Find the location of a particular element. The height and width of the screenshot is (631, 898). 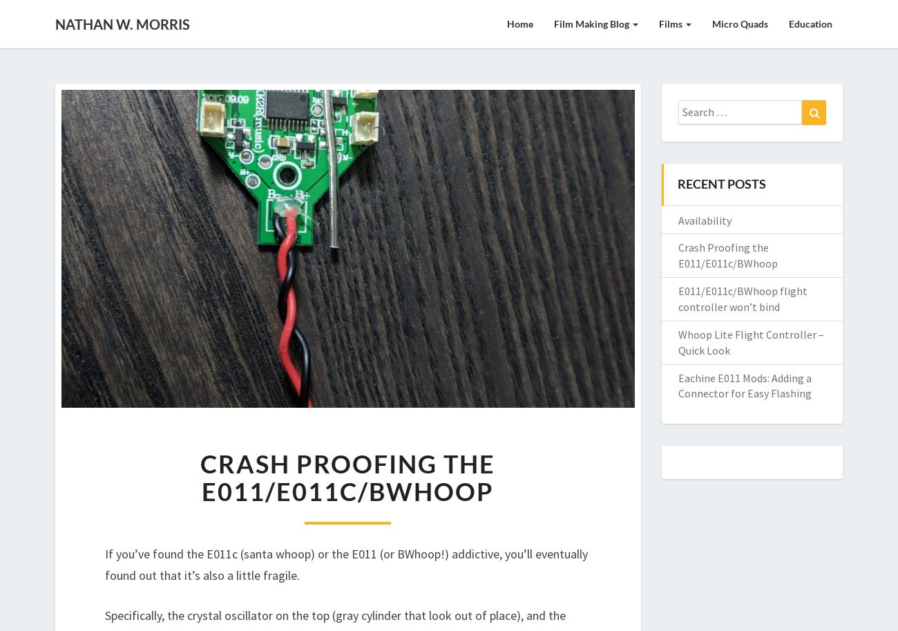

'Availability' is located at coordinates (703, 218).